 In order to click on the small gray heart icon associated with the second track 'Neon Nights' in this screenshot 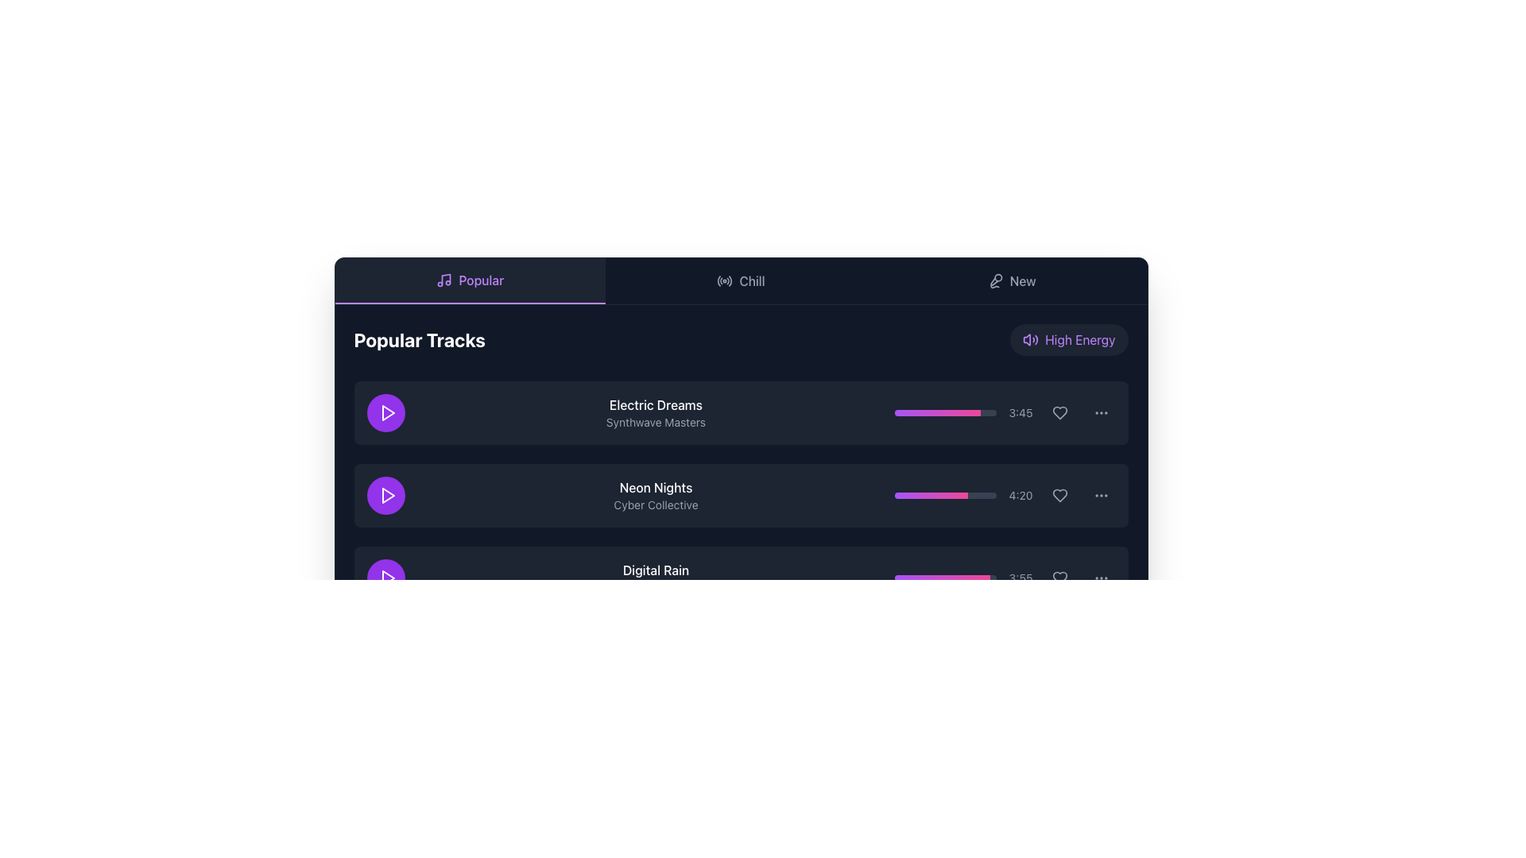, I will do `click(1059, 495)`.